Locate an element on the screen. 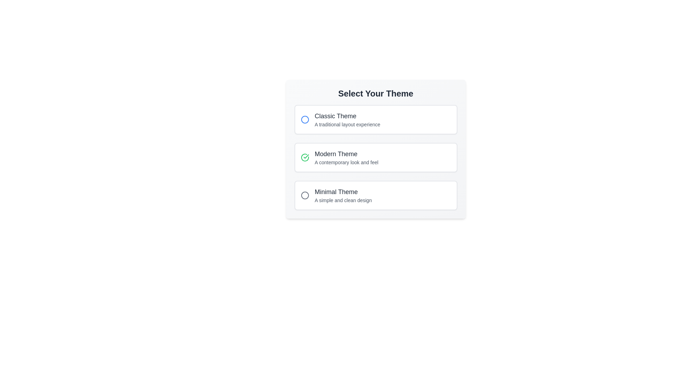 The width and height of the screenshot is (674, 379). the text element that displays 'A simple and clean design', which is styled in light gray and positioned below the 'Minimal Theme' title is located at coordinates (343, 200).